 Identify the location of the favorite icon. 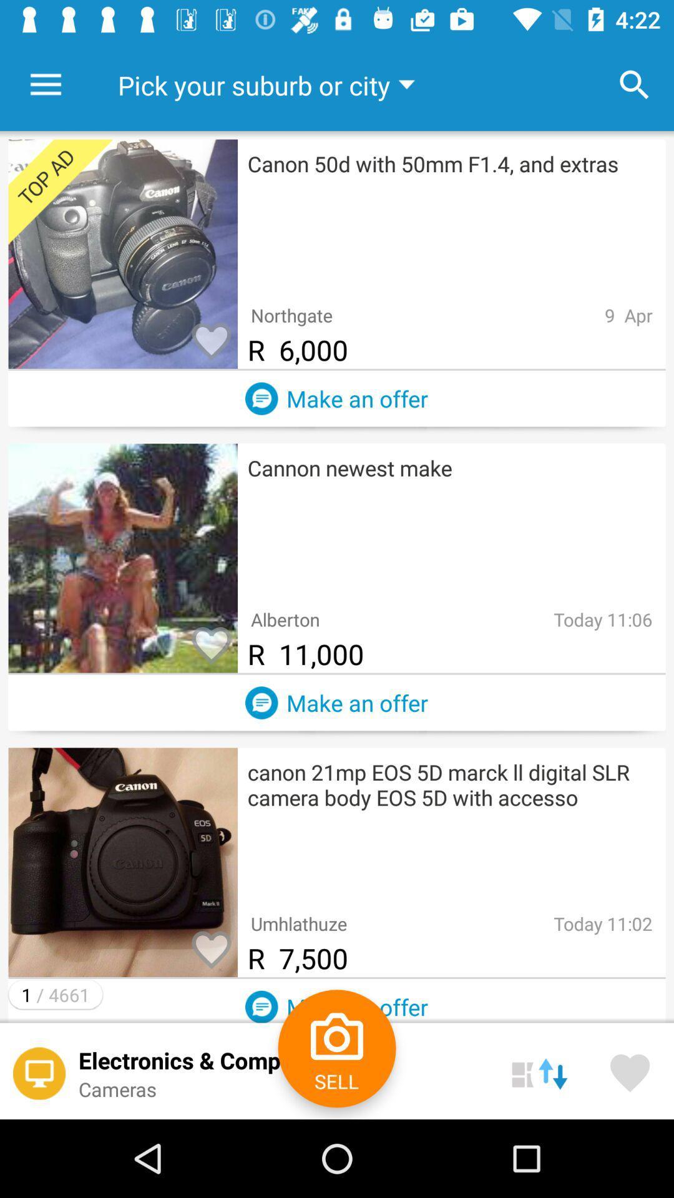
(630, 1070).